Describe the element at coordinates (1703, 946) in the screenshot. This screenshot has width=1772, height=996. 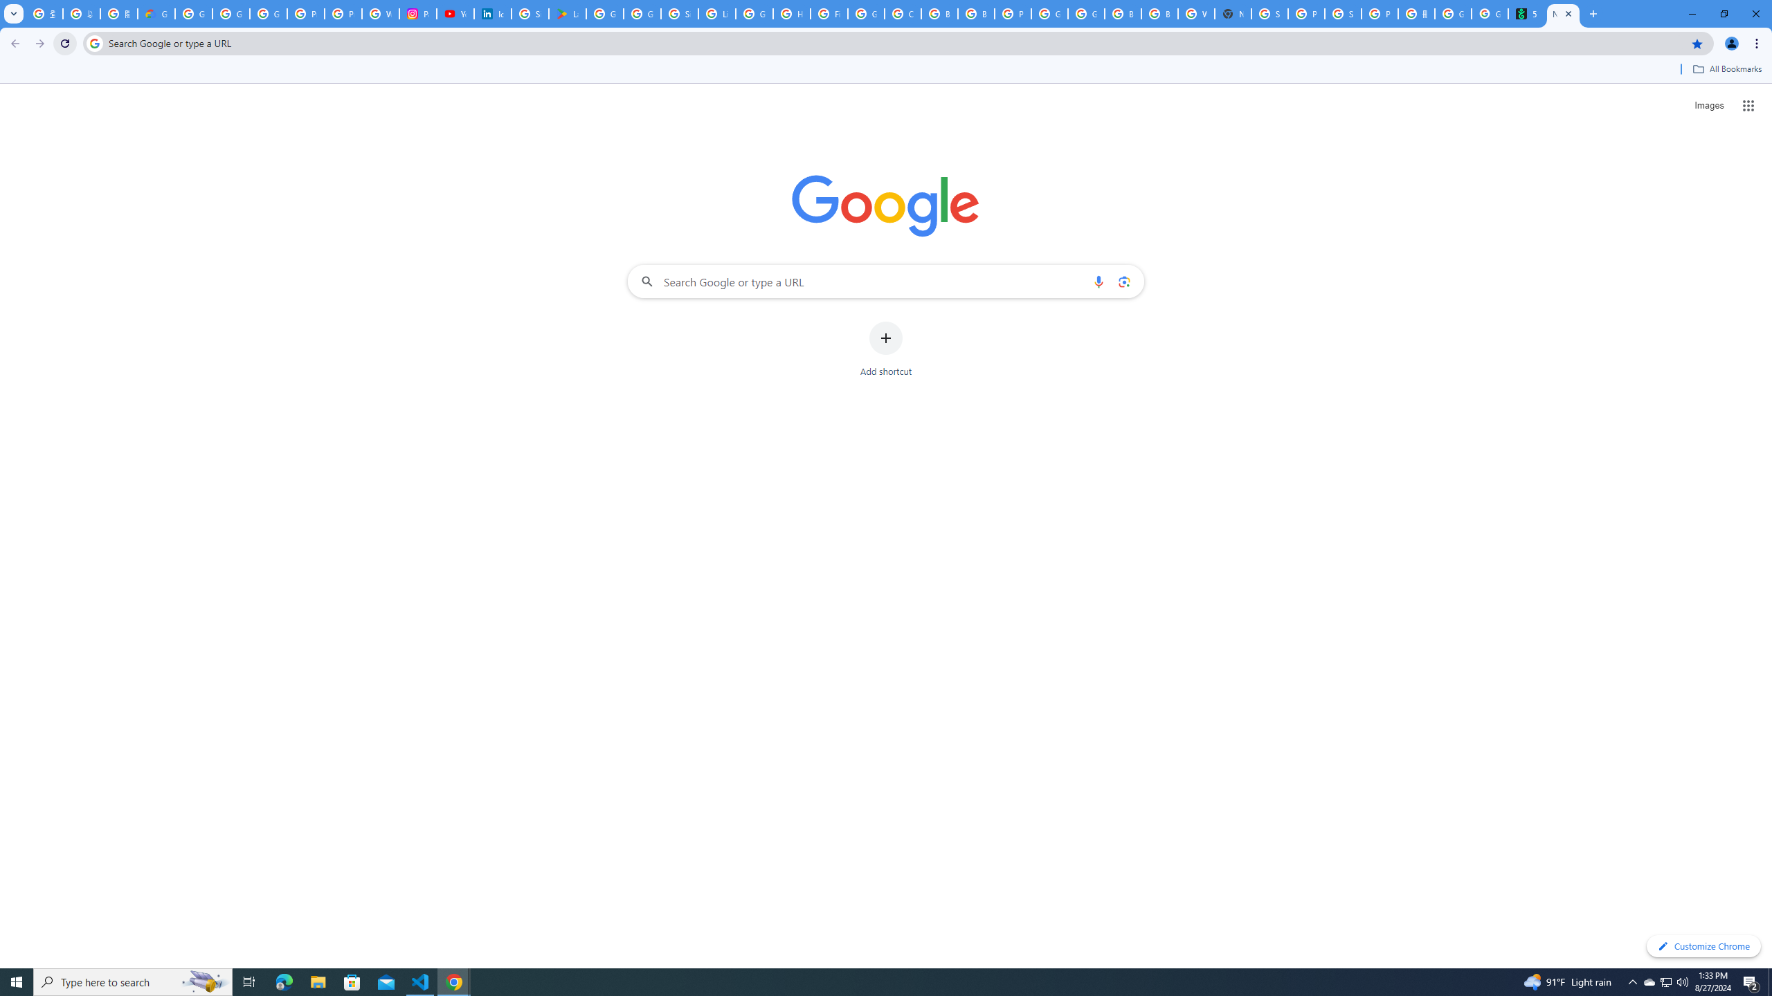
I see `'Customize Chrome'` at that location.